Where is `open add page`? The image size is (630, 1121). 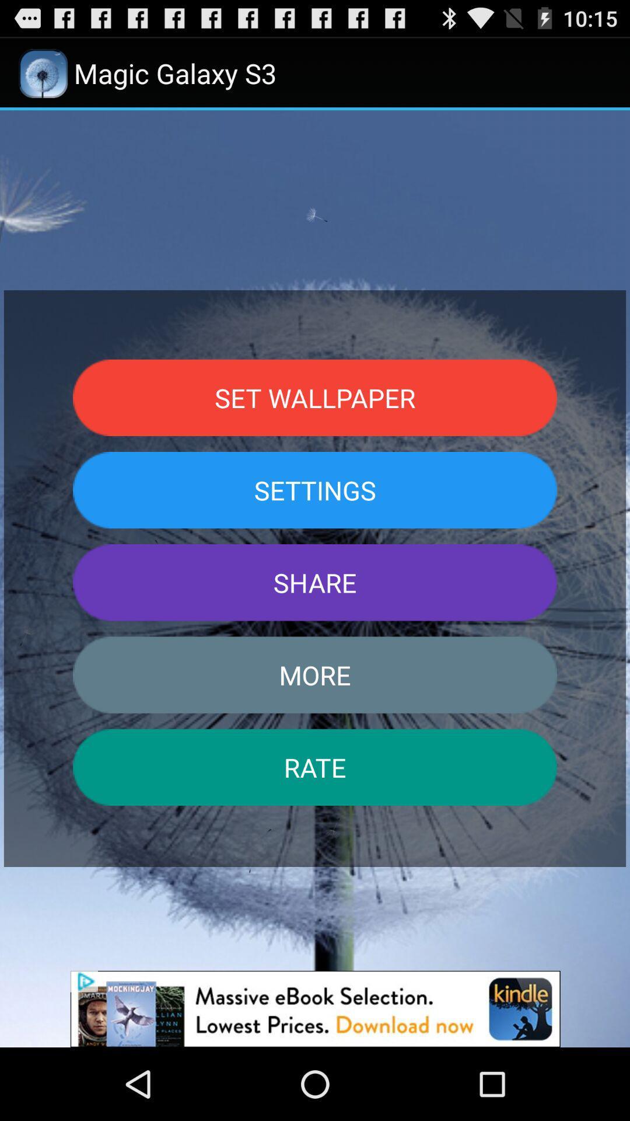 open add page is located at coordinates (315, 1008).